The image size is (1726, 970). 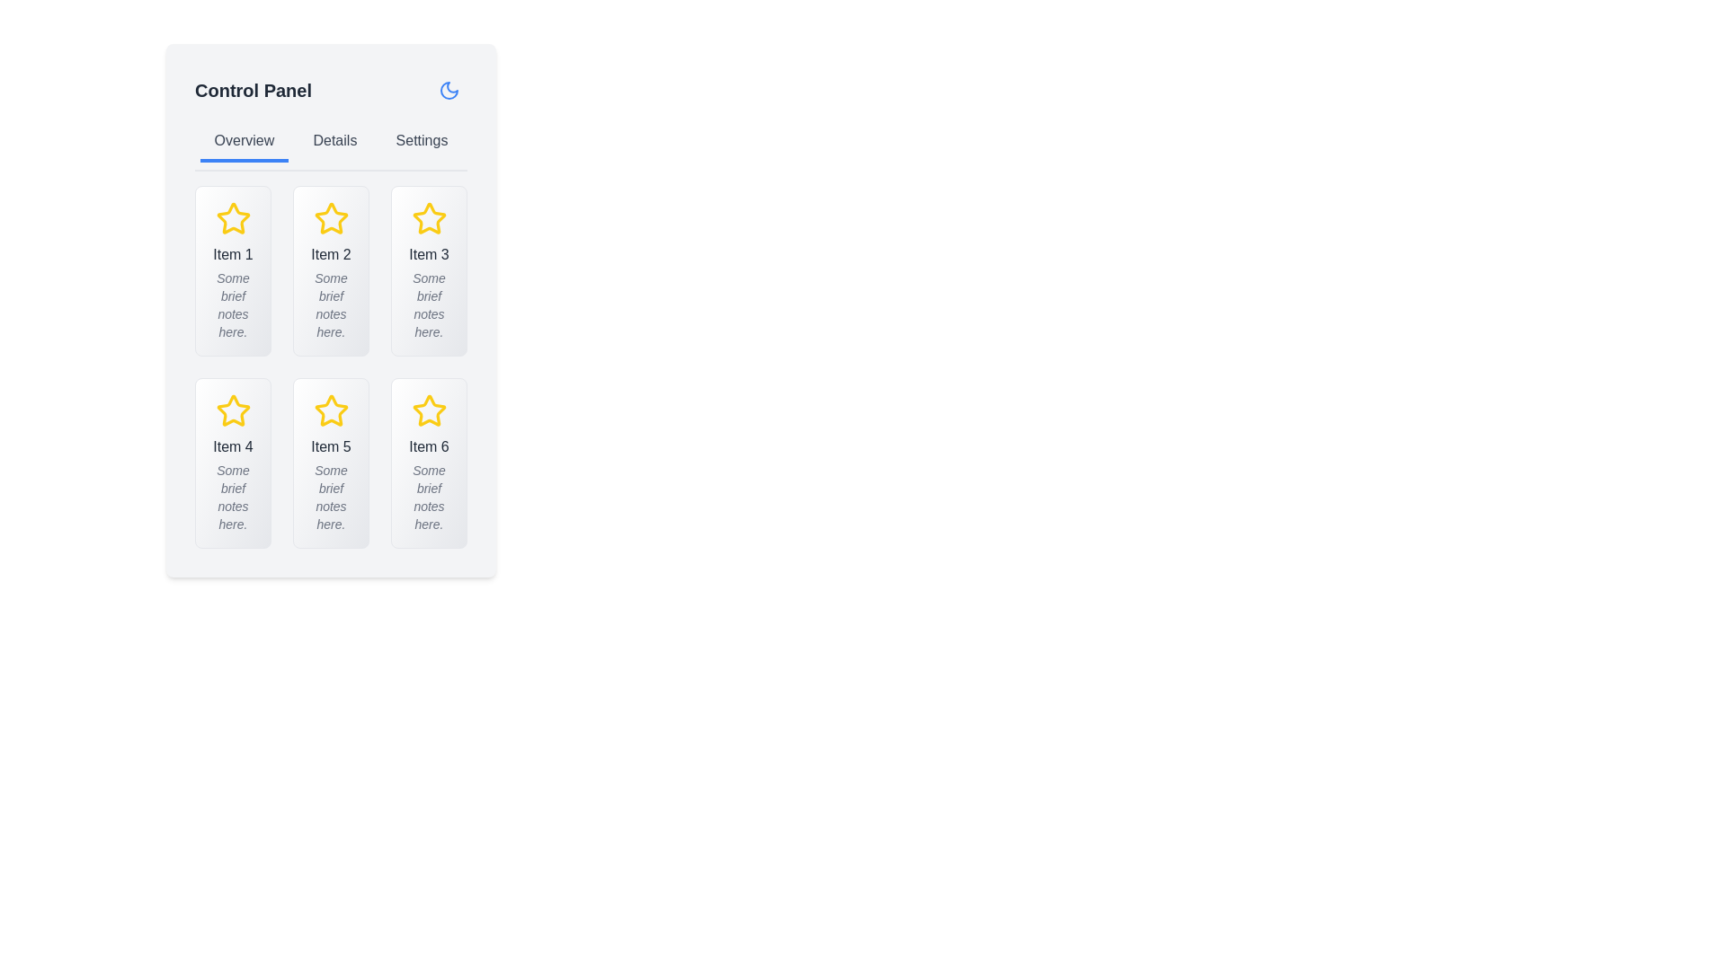 I want to click on the star-shaped icon with yellow strokes located above the text 'Item 5' within the card for 'Item 5', so click(x=331, y=411).